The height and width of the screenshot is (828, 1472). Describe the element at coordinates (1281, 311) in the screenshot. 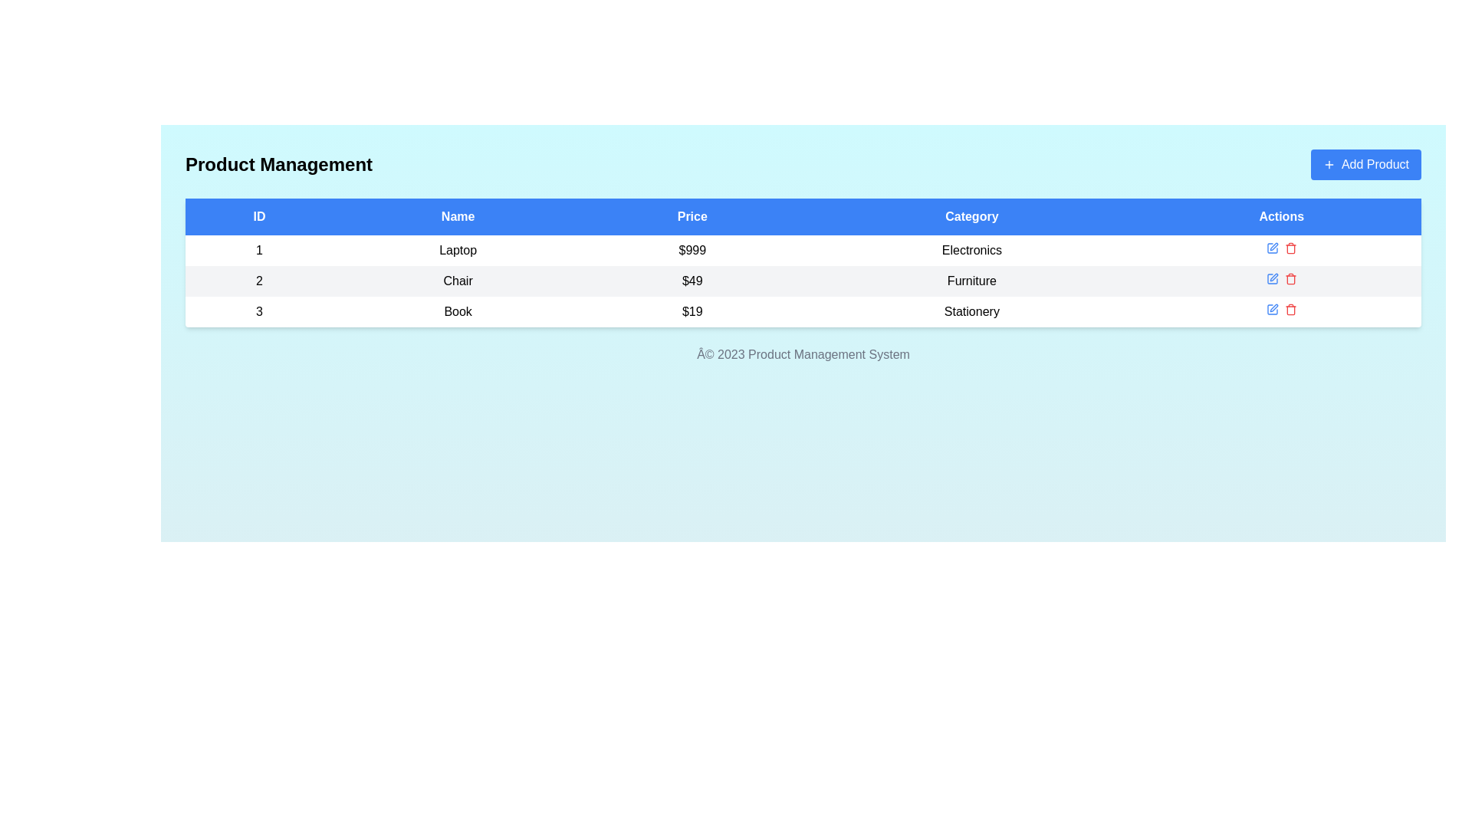

I see `the Action Buttons Group, which includes a blue pencil icon (edit) and a red trash icon (delete) in the rightmost cell of the third row under the 'Actions' header` at that location.